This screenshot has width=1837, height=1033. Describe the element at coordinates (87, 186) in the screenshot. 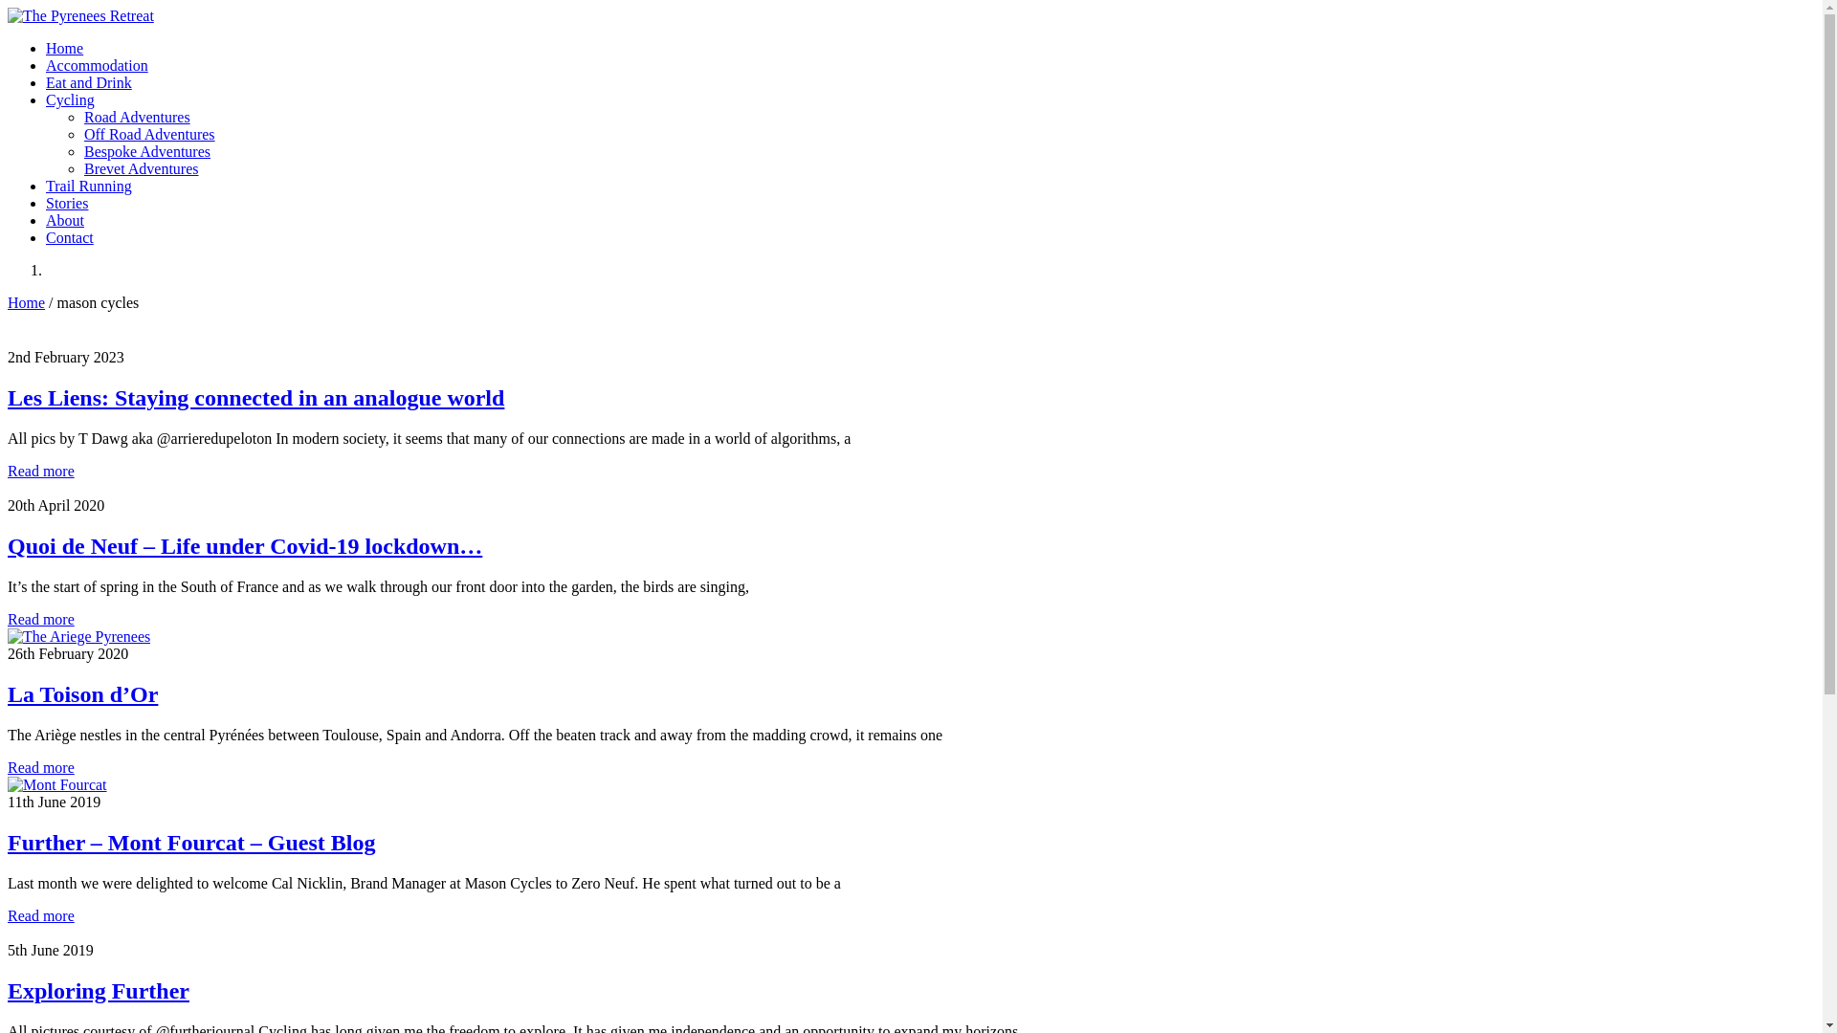

I see `'Trail Running'` at that location.